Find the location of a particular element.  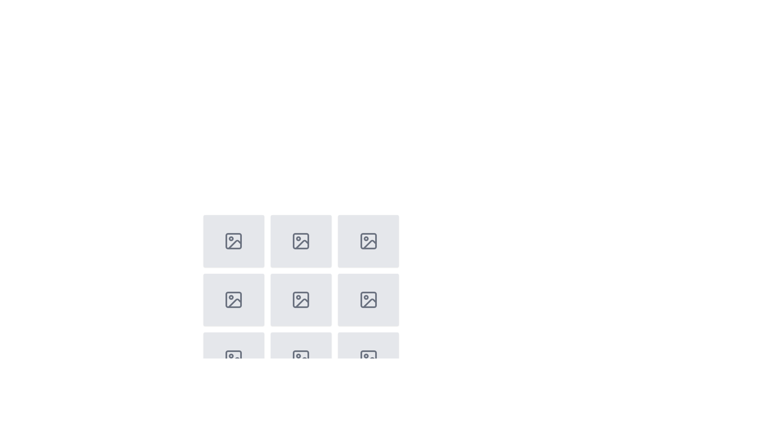

the gray vector icon with rounded corners located in the center of the second row in a grid of similar icons is located at coordinates (301, 300).